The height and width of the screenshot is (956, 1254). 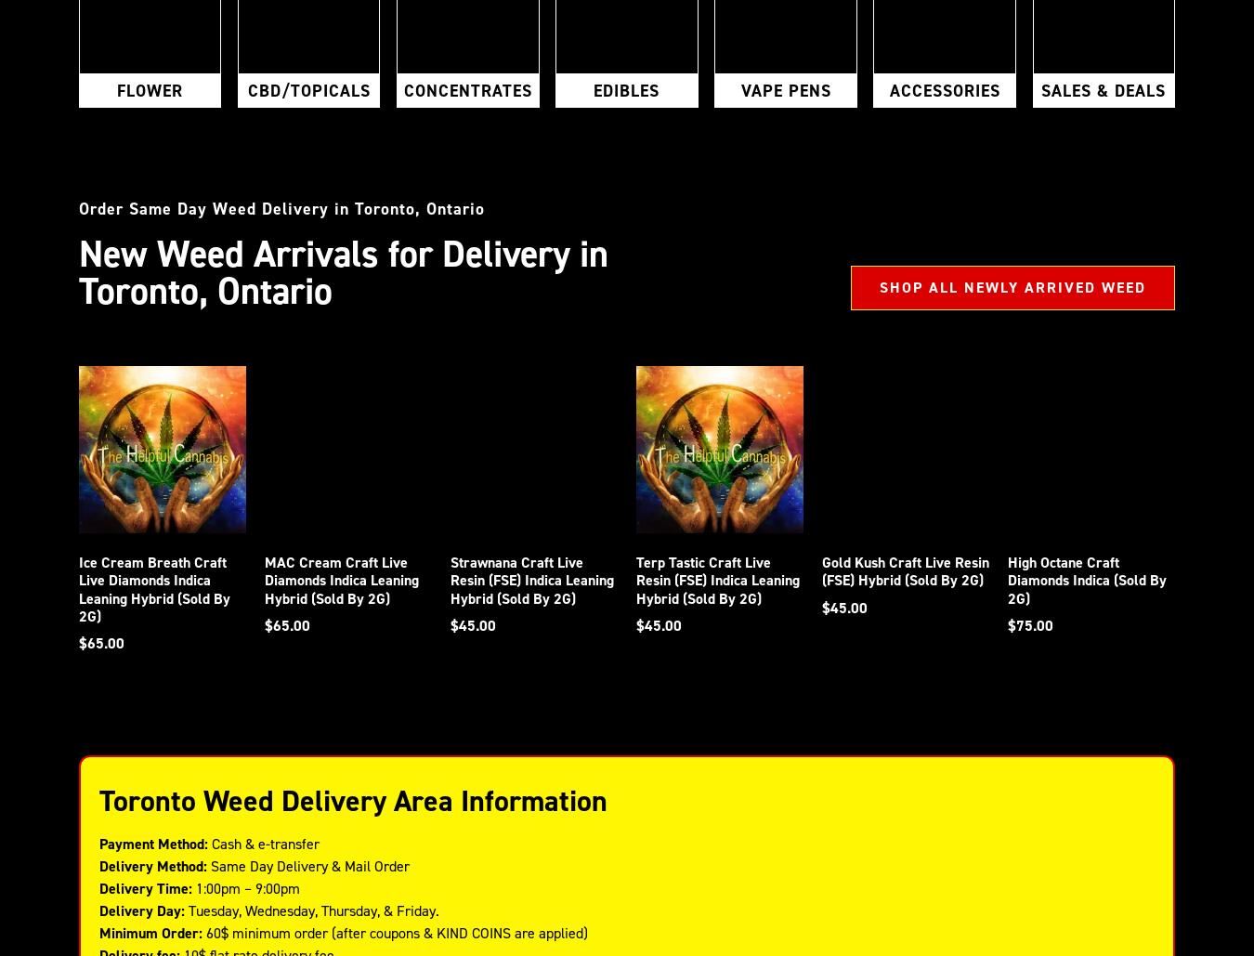 I want to click on 'Gold Kush Craft Live Resin (FSE) Hybrid (Sold By 2G)', so click(x=904, y=571).